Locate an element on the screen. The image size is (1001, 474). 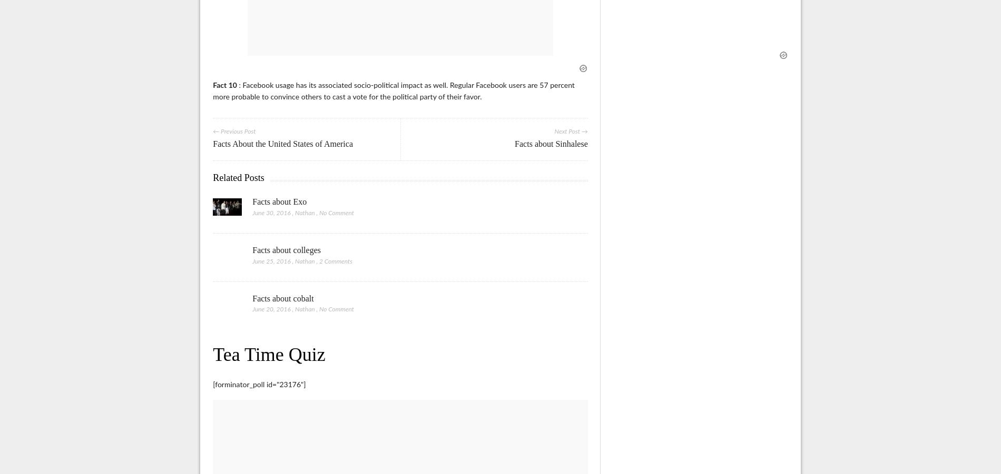
'Next Post →' is located at coordinates (554, 131).